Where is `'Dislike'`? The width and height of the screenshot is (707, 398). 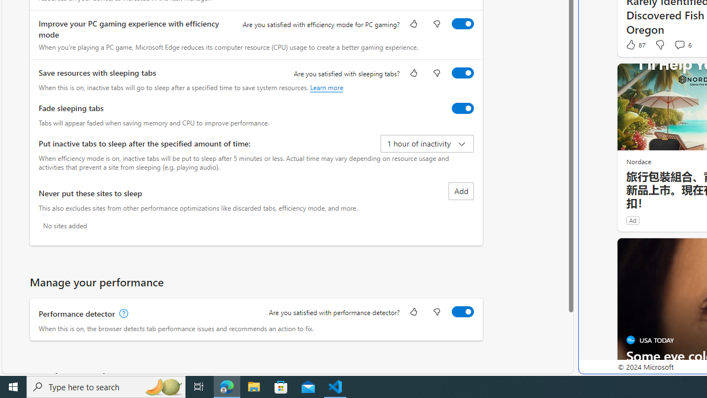
'Dislike' is located at coordinates (659, 44).